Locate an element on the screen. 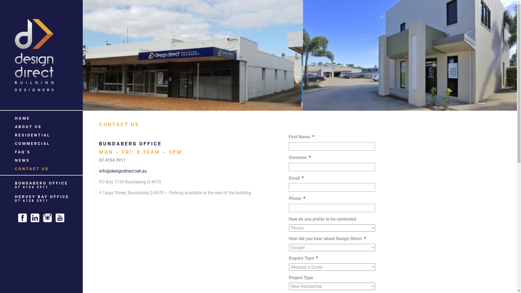  'ABOUT US' is located at coordinates (28, 126).